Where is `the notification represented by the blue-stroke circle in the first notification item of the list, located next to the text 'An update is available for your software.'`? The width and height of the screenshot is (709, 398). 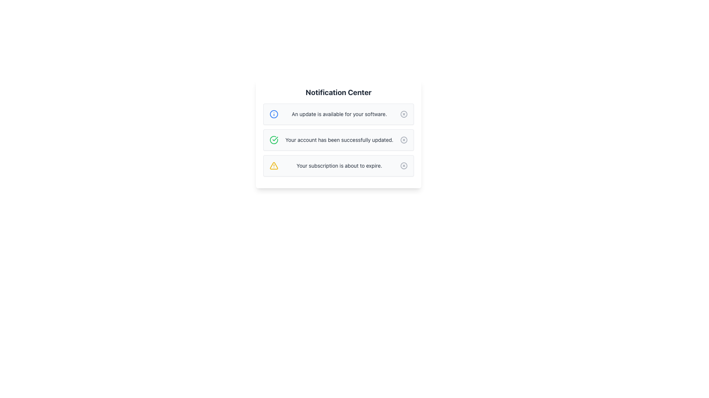 the notification represented by the blue-stroke circle in the first notification item of the list, located next to the text 'An update is available for your software.' is located at coordinates (274, 114).